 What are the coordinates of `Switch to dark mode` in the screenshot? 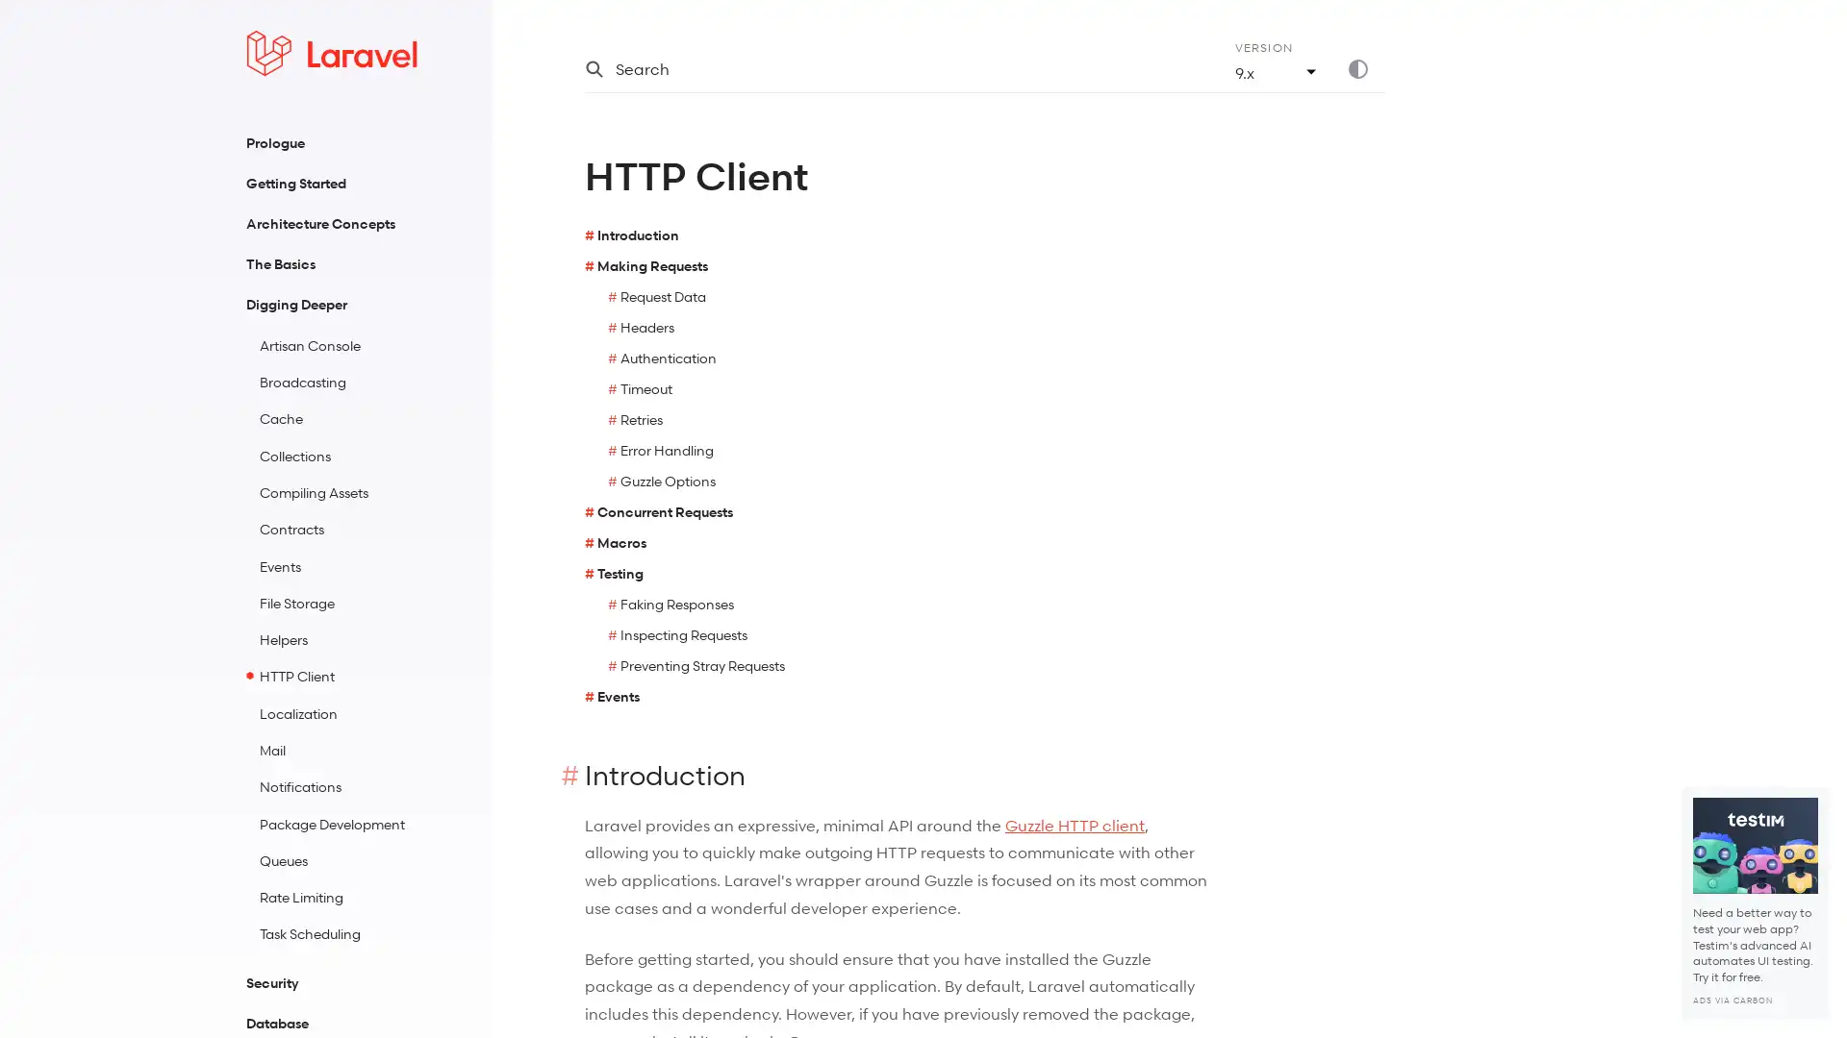 It's located at (1365, 68).